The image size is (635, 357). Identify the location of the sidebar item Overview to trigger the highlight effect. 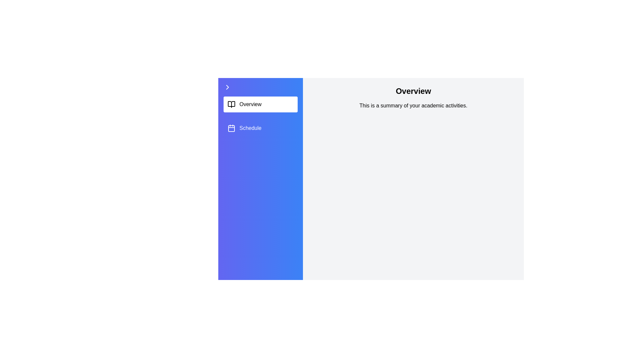
(260, 104).